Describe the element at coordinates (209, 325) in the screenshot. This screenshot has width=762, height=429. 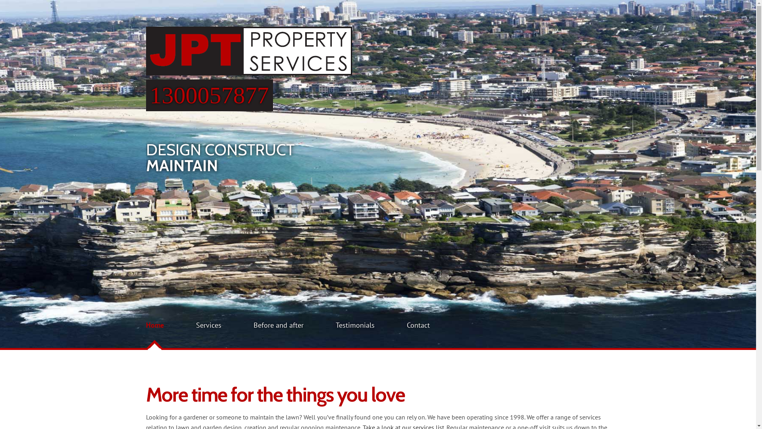
I see `'Services'` at that location.